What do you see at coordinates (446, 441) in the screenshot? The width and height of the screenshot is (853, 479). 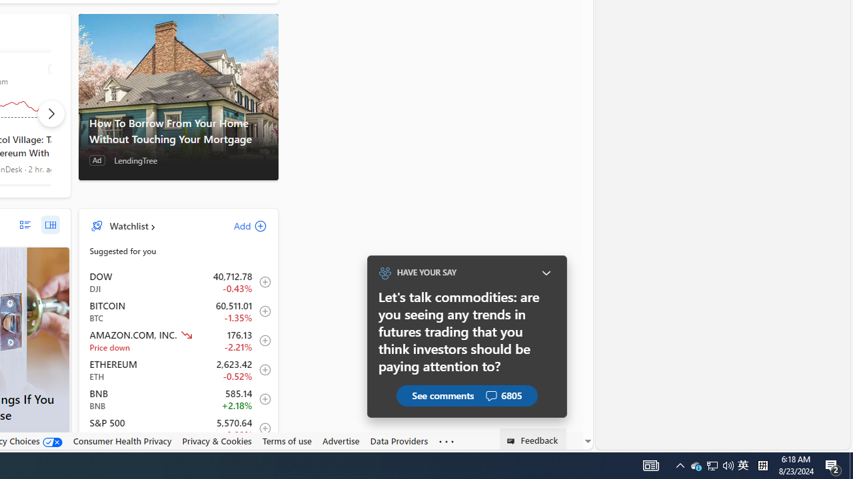 I see `'Class: oneFooter_seeMore-DS-EntryPoint1-1'` at bounding box center [446, 441].